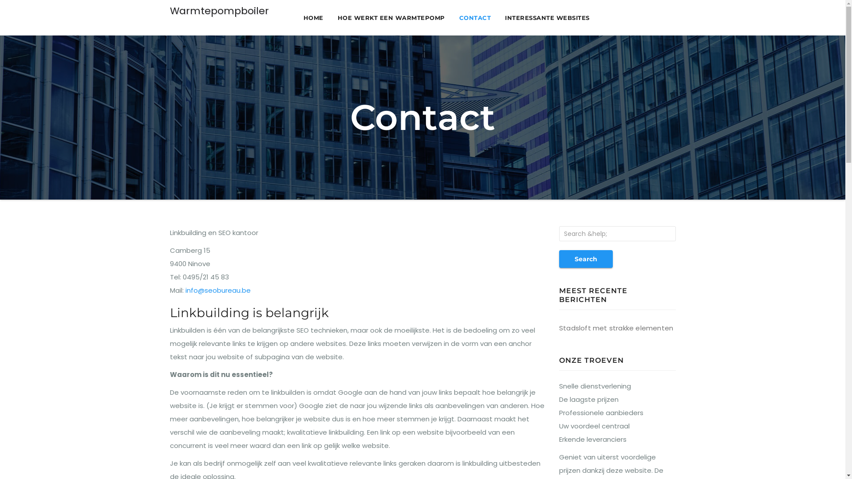 The width and height of the screenshot is (852, 479). What do you see at coordinates (558, 328) in the screenshot?
I see `'Stadsloft met strakke elementen'` at bounding box center [558, 328].